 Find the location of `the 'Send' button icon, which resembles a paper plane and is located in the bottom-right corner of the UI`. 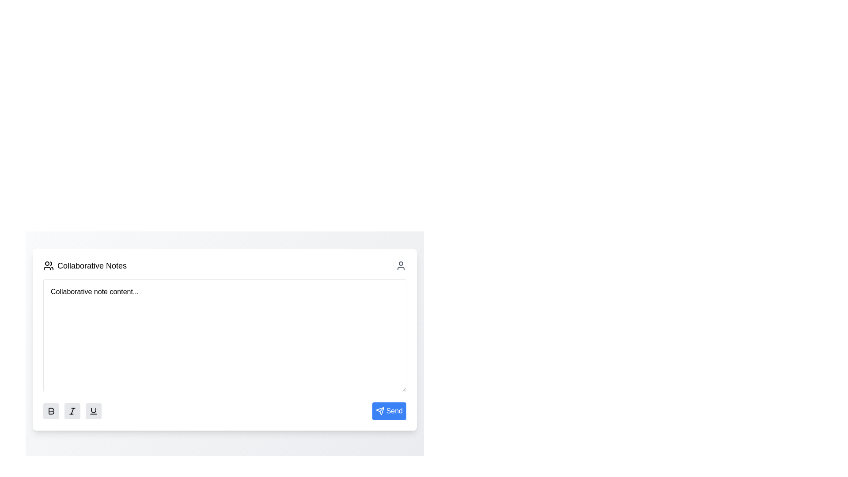

the 'Send' button icon, which resembles a paper plane and is located in the bottom-right corner of the UI is located at coordinates (380, 411).